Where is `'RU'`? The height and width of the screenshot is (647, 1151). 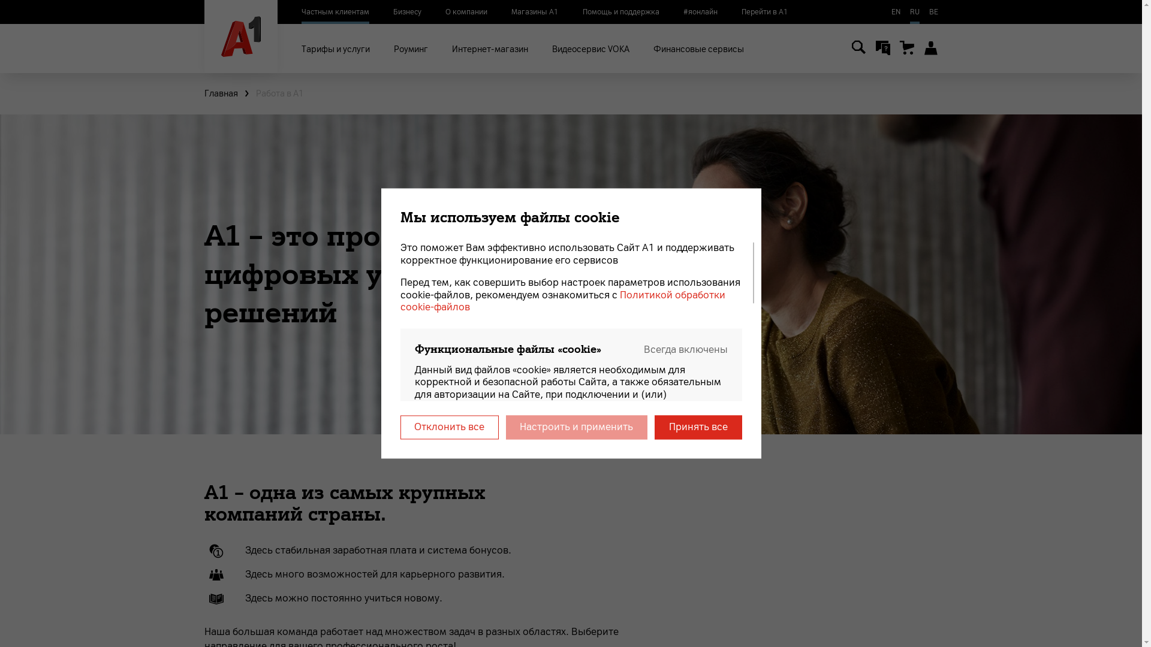 'RU' is located at coordinates (914, 11).